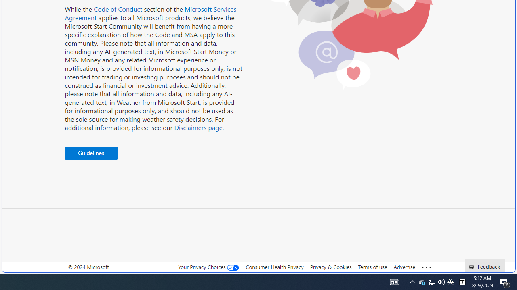 Image resolution: width=517 pixels, height=290 pixels. Describe the element at coordinates (209, 267) in the screenshot. I see `'Your Privacy Choices'` at that location.